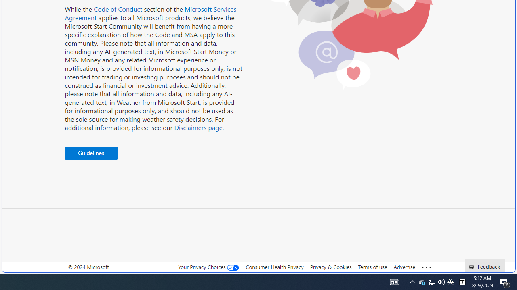 Image resolution: width=517 pixels, height=290 pixels. Describe the element at coordinates (209, 267) in the screenshot. I see `'Your Privacy Choices'` at that location.